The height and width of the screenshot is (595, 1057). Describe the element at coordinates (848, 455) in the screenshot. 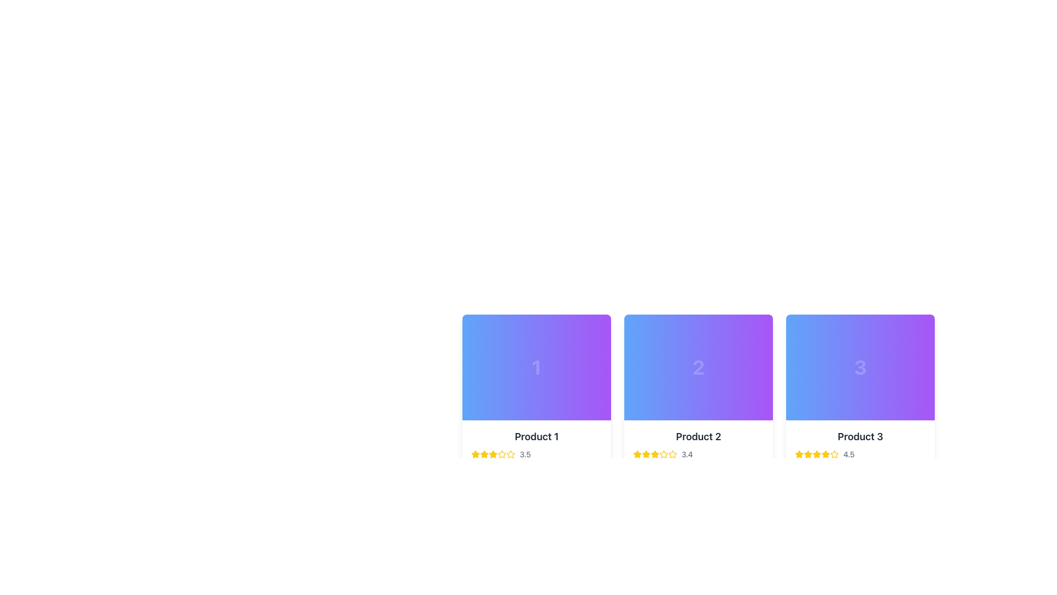

I see `text content of the Text label displaying '4.5' in gray color, located below the 'Product 3' label and to the right of the yellow rating stars` at that location.